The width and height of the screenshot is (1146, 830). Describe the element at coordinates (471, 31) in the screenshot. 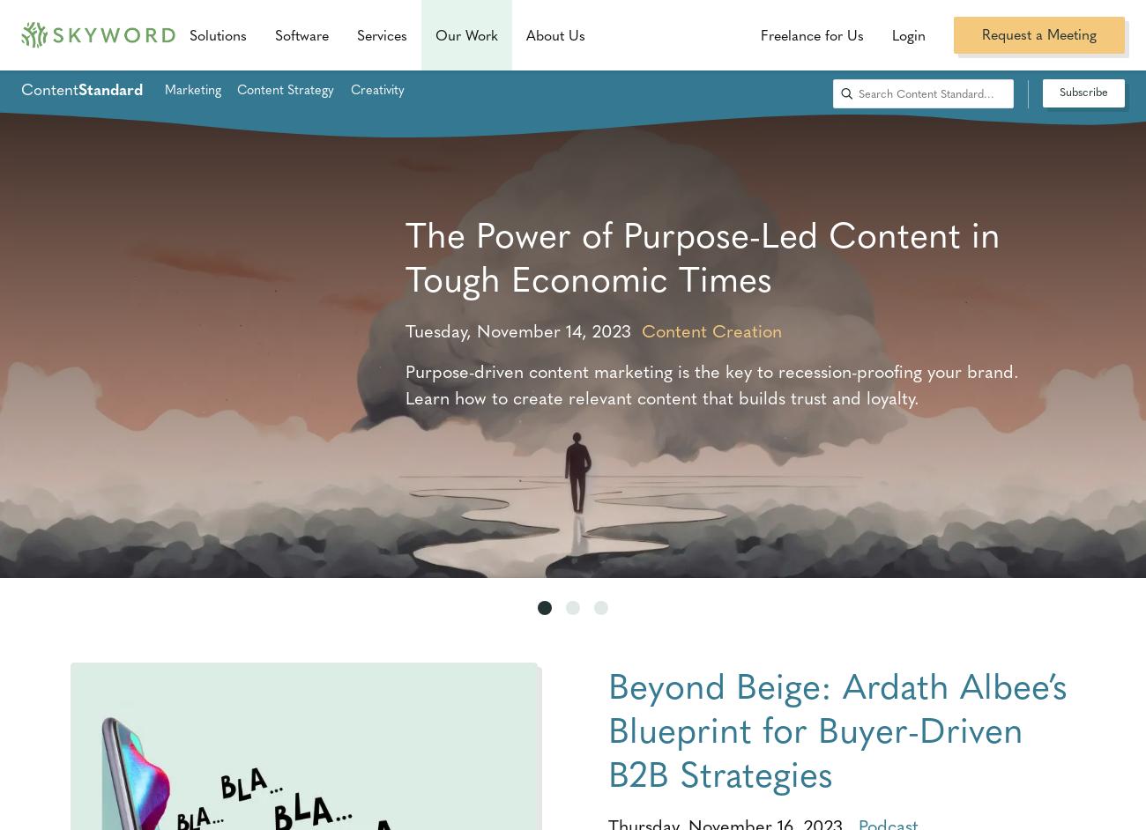

I see `'Resources'` at that location.